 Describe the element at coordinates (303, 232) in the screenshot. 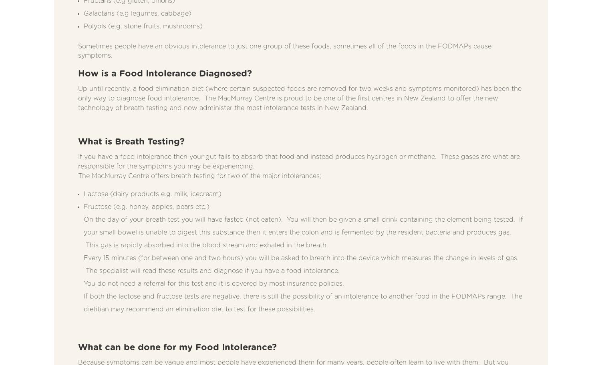

I see `'On the day of your breath test you will have fasted (not eaten).  You will then be given a small drink containing the element being tested.  If your small bowel is unable to digest this substance then it enters the colon and is fermented by the resident bacteria and produces gas.  This gas is rapidly absorbed into the blood stream and exhaled in the breath.'` at that location.